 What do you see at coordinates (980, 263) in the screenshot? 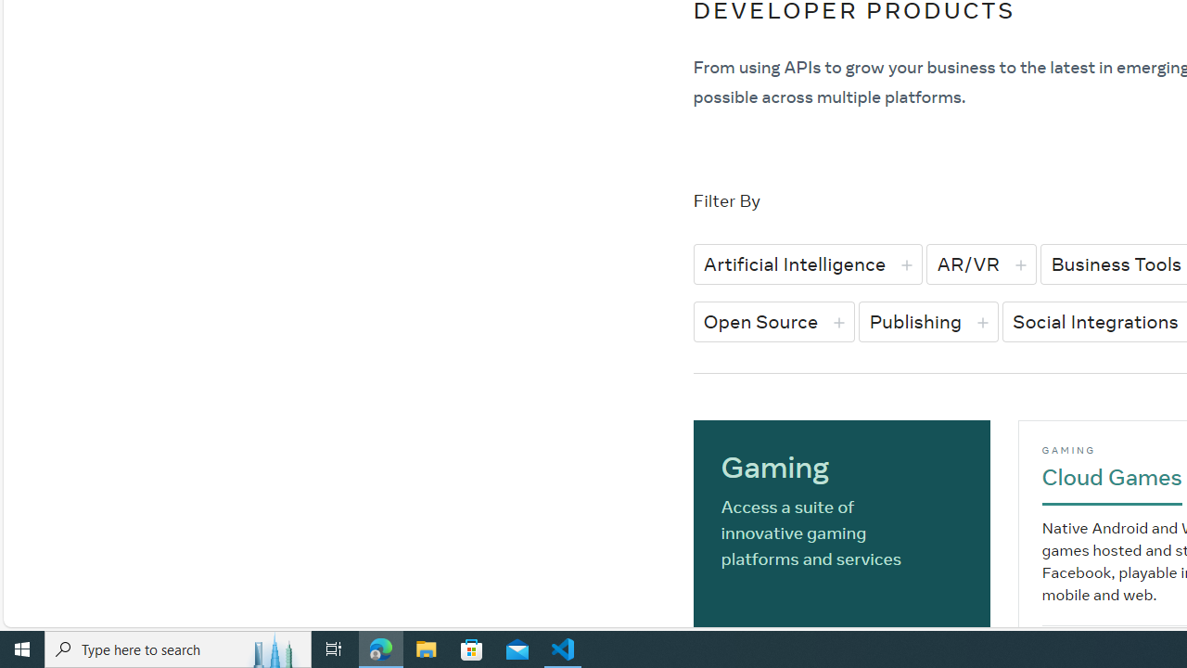
I see `'AR/VR'` at bounding box center [980, 263].